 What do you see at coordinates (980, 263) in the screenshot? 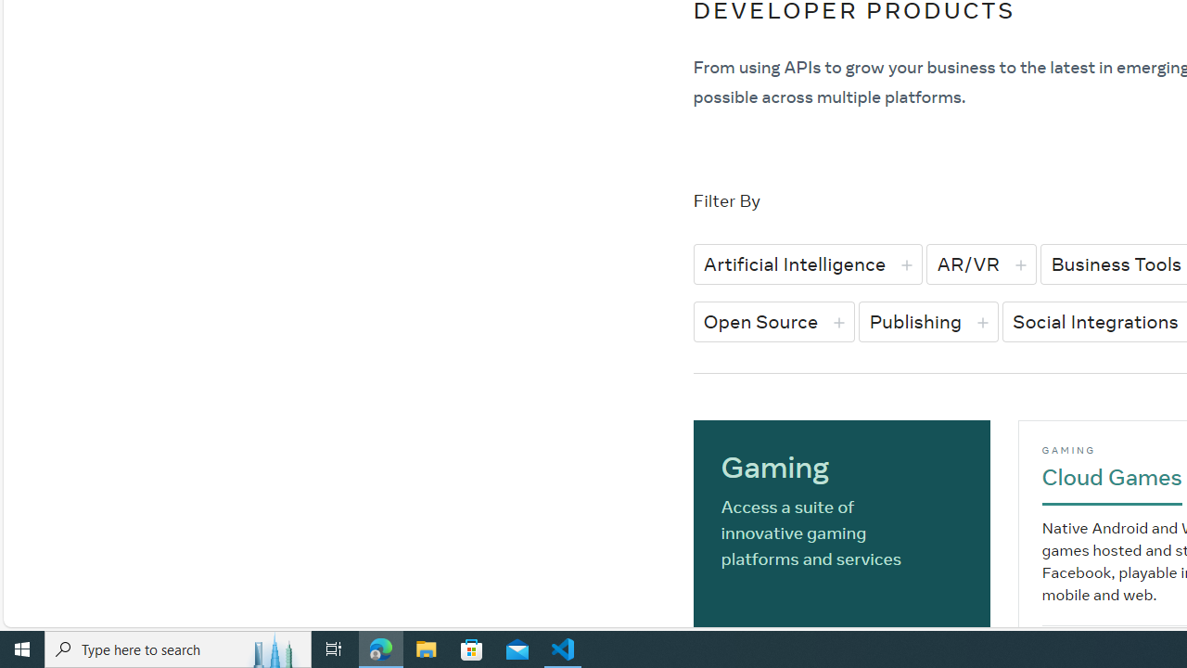
I see `'AR/VR'` at bounding box center [980, 263].